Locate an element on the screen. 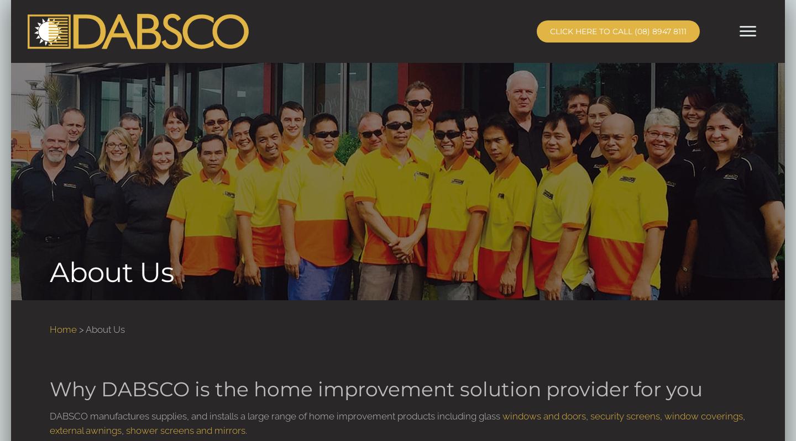  'windows and doors' is located at coordinates (543, 415).